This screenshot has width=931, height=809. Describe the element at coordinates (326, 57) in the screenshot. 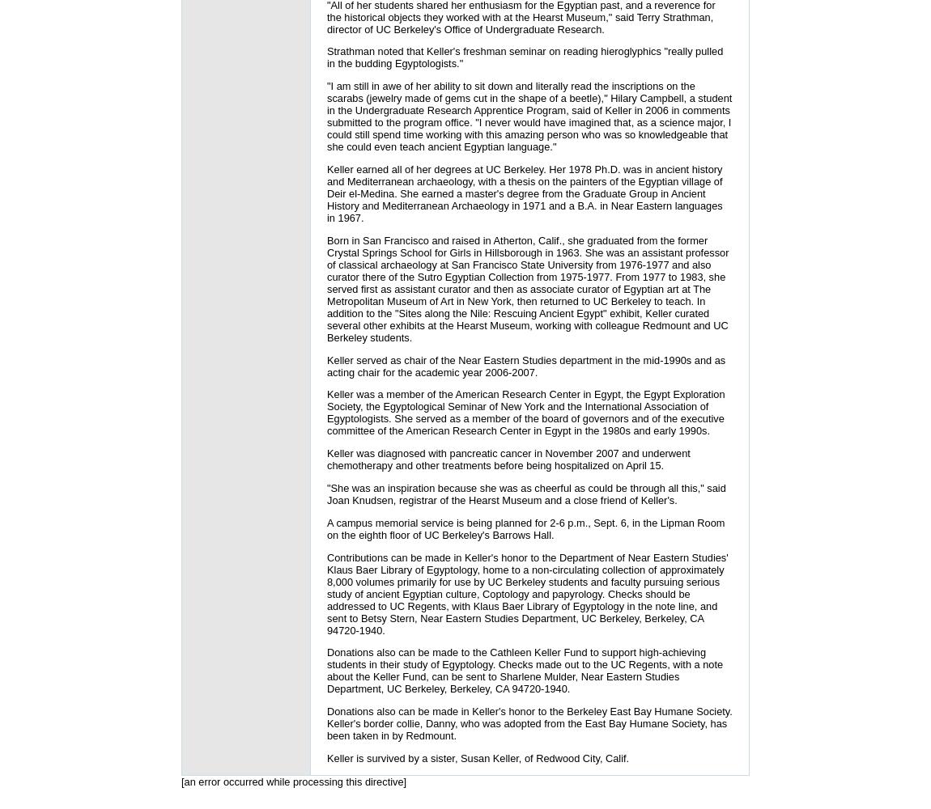

I see `'Strathman noted that Keller's freshman seminar on reading hieroglyphics "really pulled in the budding Egyptologists."'` at that location.